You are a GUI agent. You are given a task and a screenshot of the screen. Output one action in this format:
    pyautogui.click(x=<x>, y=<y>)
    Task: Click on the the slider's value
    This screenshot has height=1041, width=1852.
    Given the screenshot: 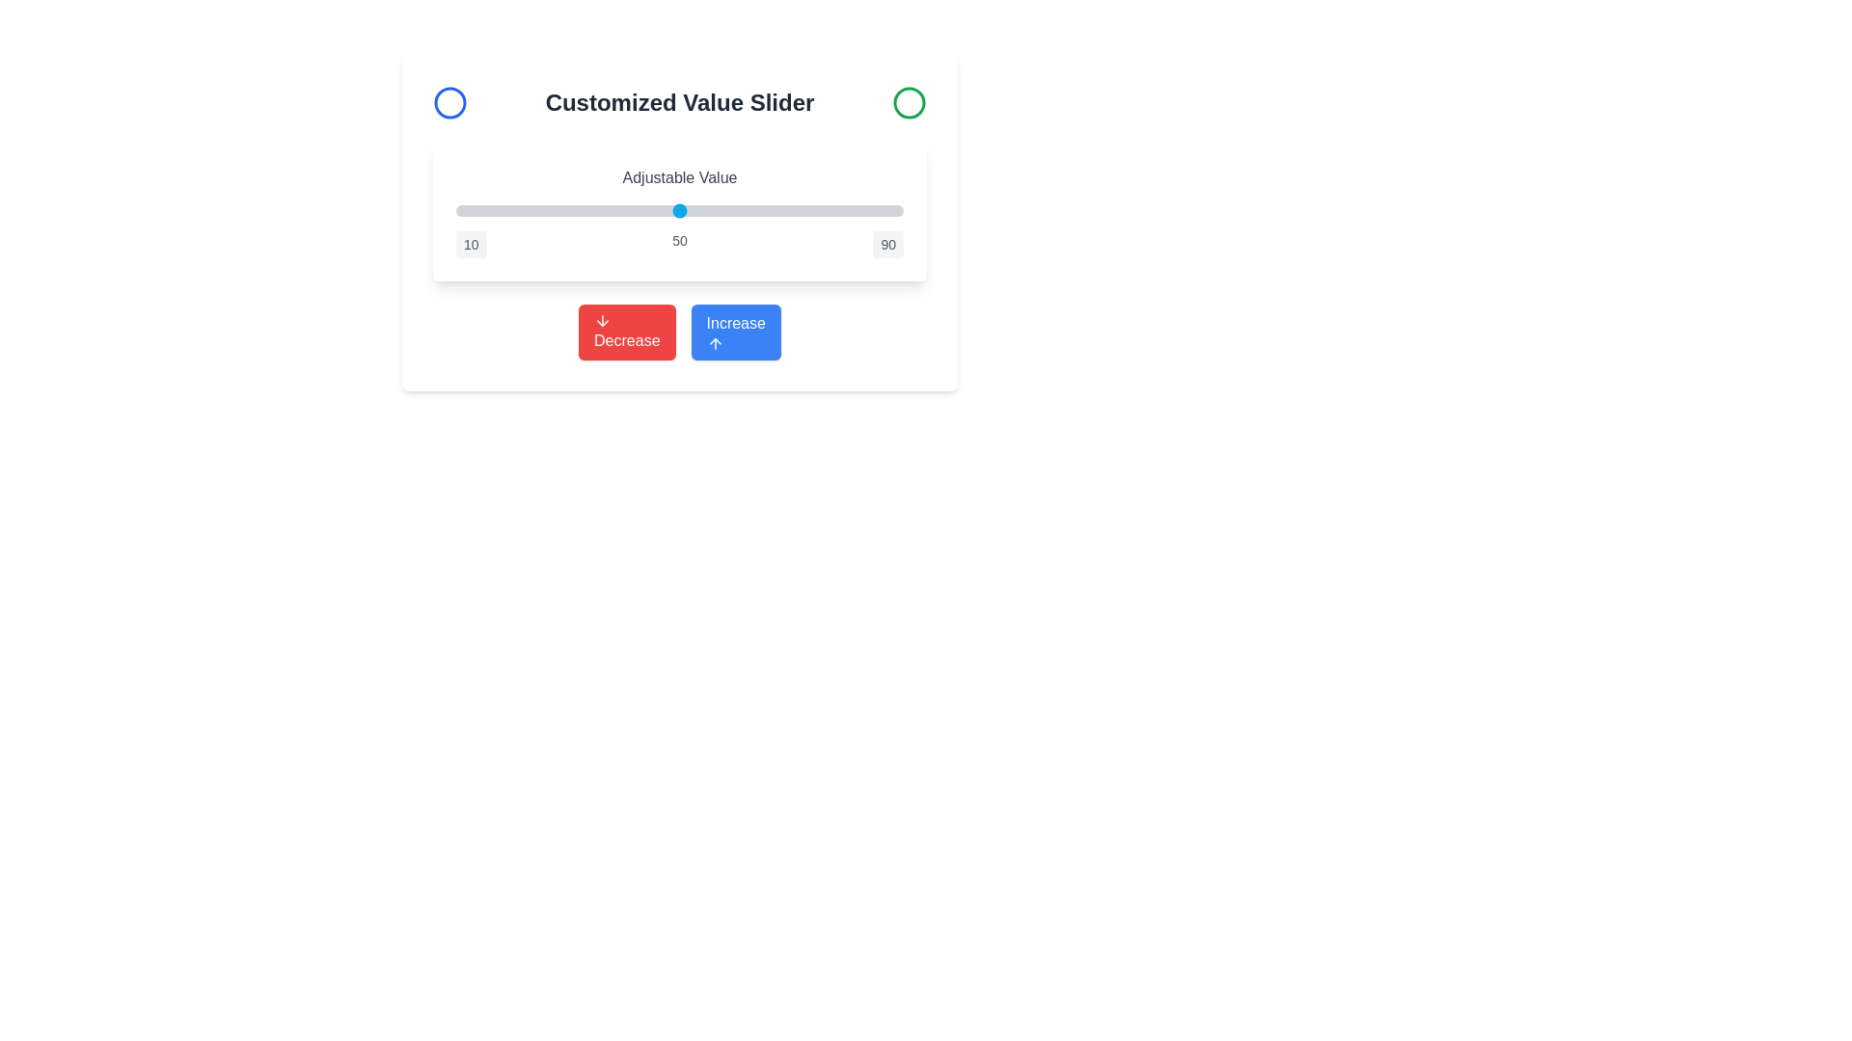 What is the action you would take?
    pyautogui.click(x=680, y=211)
    